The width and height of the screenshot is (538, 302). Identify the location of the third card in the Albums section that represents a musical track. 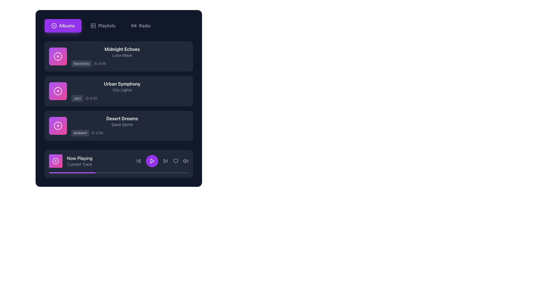
(118, 126).